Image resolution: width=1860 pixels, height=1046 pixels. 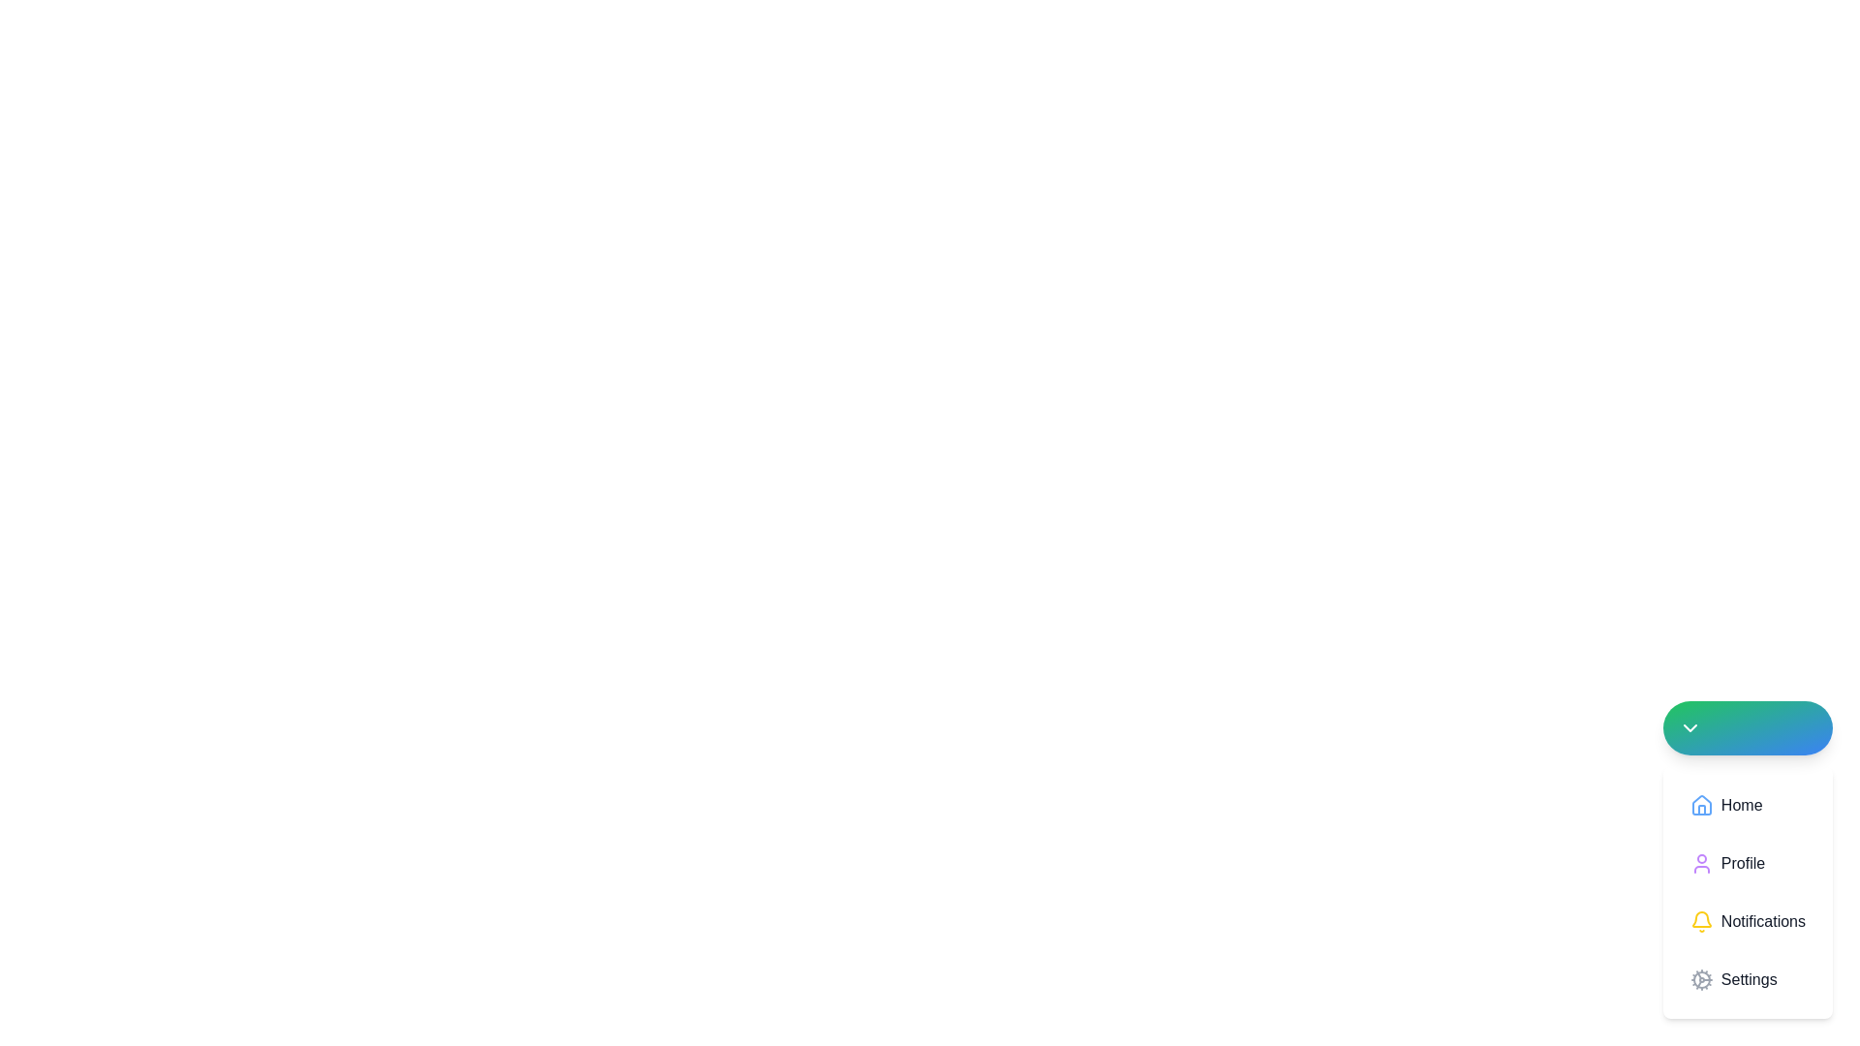 What do you see at coordinates (1748, 862) in the screenshot?
I see `the button located in the vertical navigation menu, positioned second below the 'Home' item and above the 'Notifications' item` at bounding box center [1748, 862].